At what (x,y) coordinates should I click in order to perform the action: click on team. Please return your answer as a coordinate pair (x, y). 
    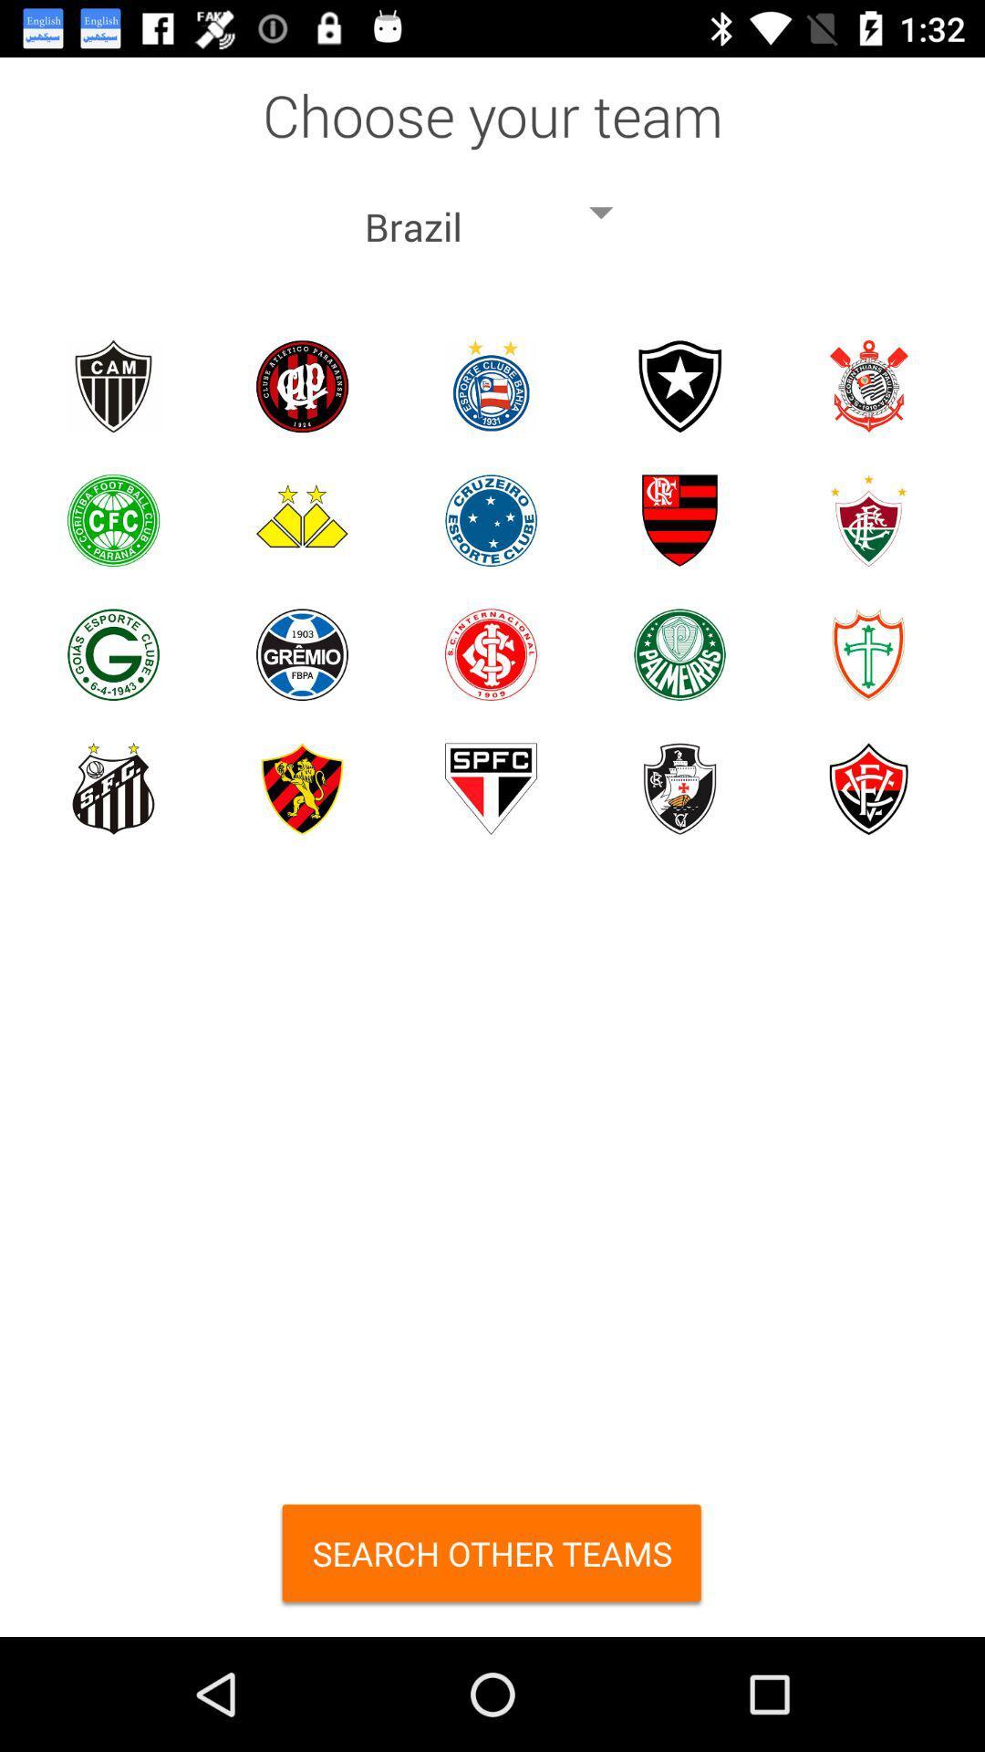
    Looking at the image, I should click on (490, 788).